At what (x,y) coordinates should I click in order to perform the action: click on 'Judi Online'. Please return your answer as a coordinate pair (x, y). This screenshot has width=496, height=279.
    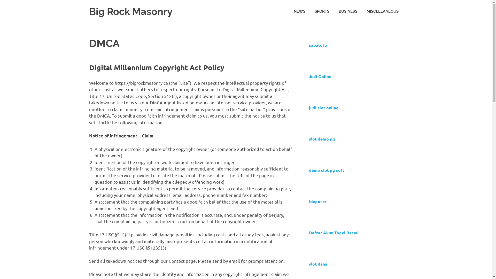
    Looking at the image, I should click on (320, 76).